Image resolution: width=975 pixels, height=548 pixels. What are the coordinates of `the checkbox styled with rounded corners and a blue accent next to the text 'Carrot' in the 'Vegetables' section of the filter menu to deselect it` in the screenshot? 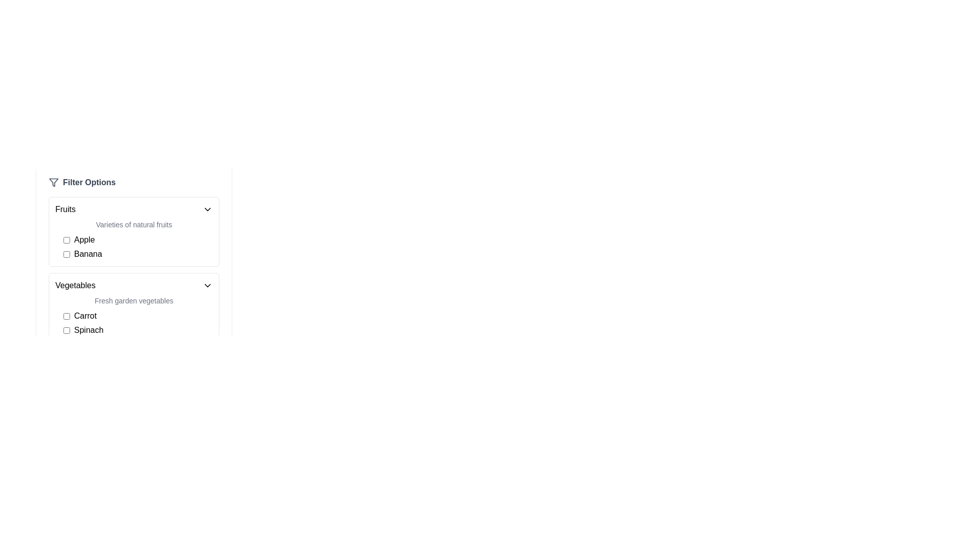 It's located at (66, 316).